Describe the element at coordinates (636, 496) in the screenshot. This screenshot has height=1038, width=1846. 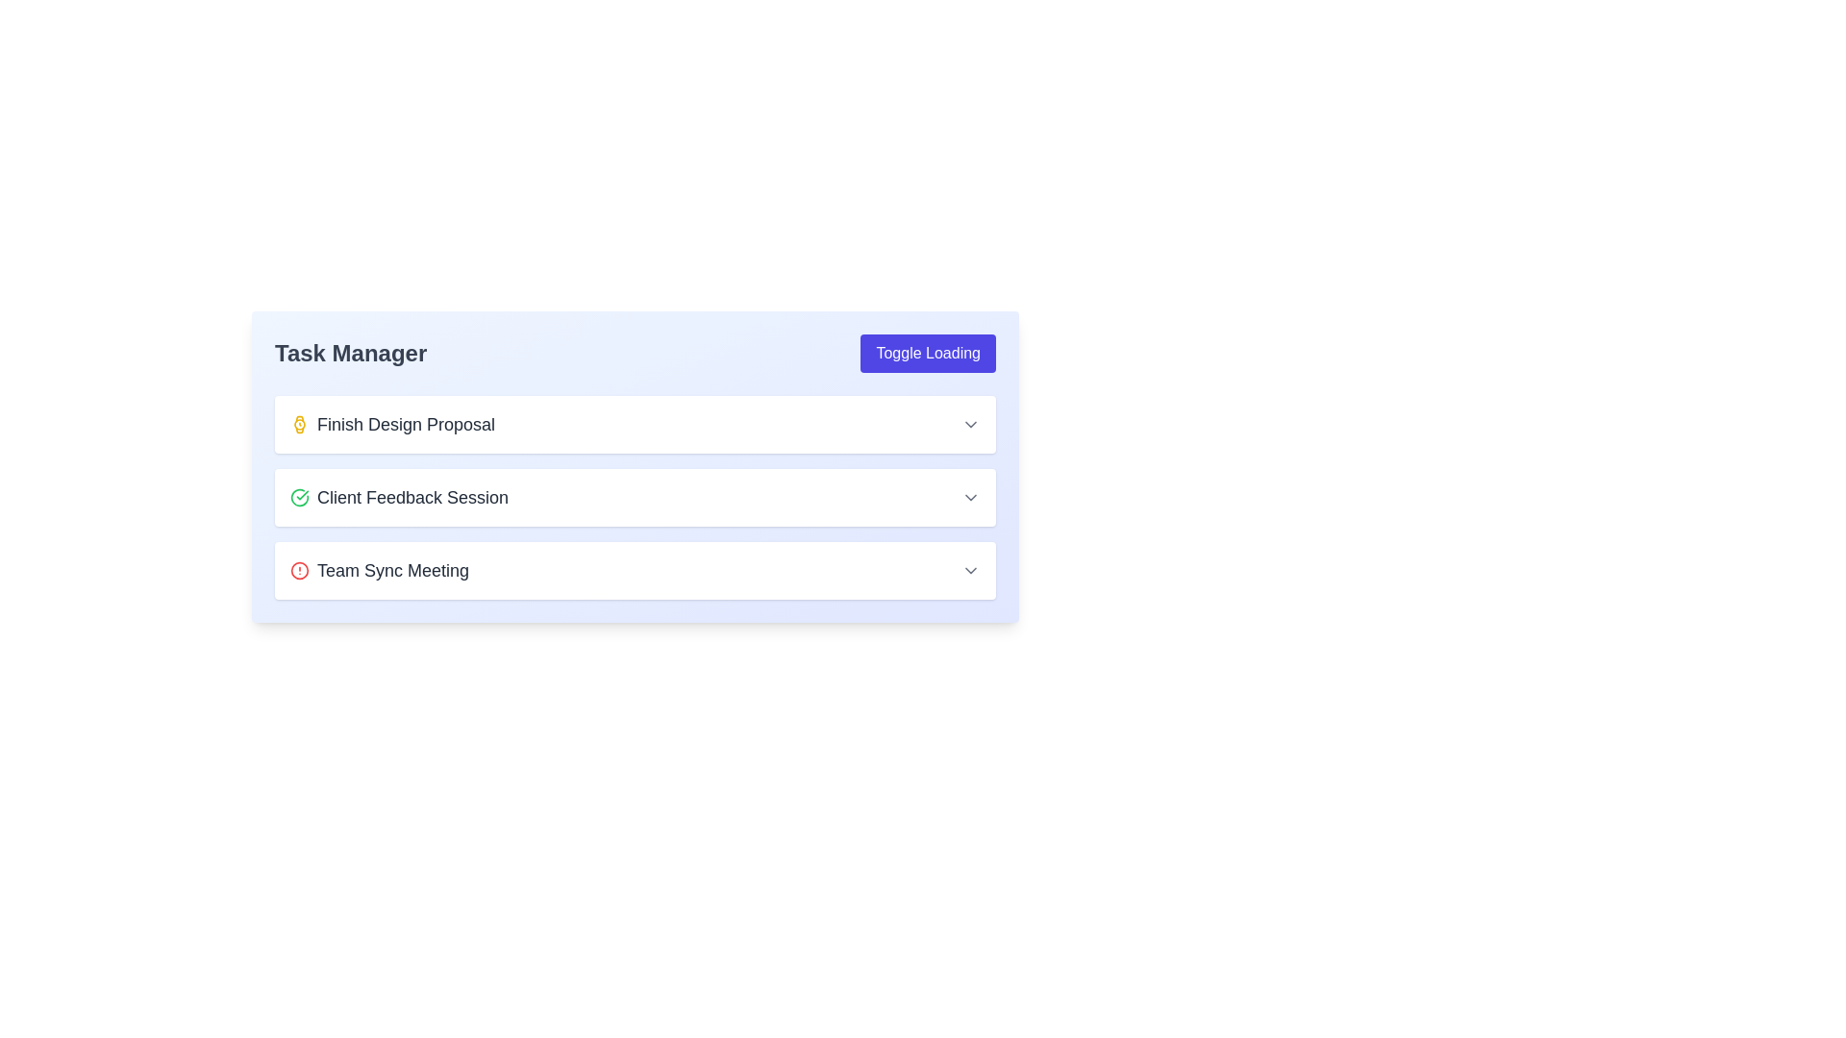
I see `the task entry titled 'Client Feedback Session'` at that location.